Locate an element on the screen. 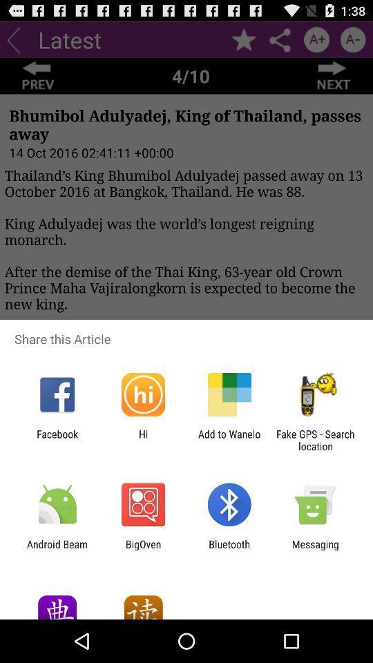 This screenshot has width=373, height=663. the app next to bluetooth is located at coordinates (315, 550).